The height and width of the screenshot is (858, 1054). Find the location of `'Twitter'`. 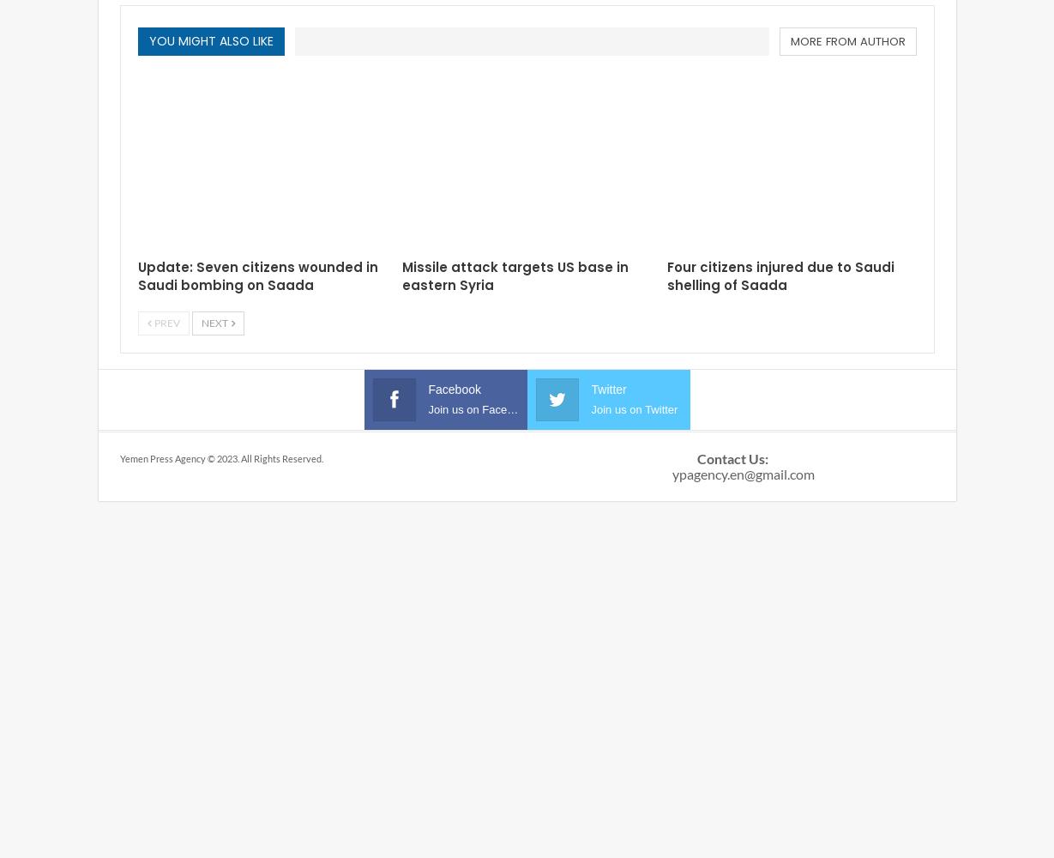

'Twitter' is located at coordinates (607, 389).